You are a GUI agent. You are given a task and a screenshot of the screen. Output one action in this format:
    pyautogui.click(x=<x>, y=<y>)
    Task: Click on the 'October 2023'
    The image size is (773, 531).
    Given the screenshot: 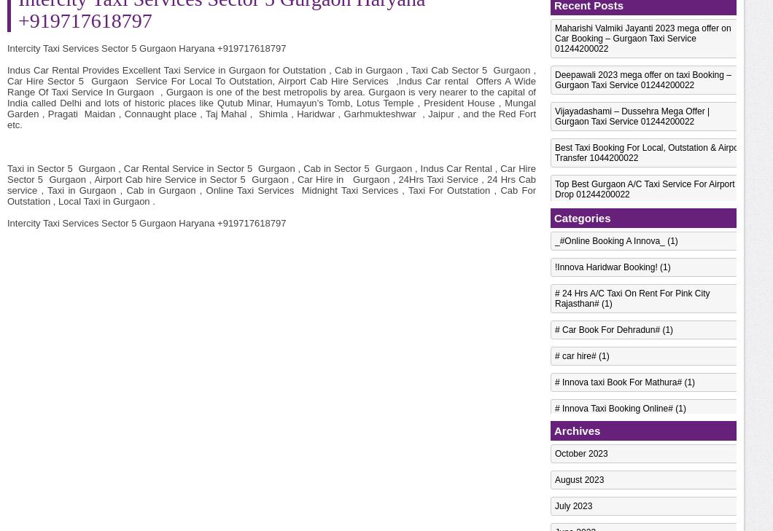 What is the action you would take?
    pyautogui.click(x=581, y=454)
    